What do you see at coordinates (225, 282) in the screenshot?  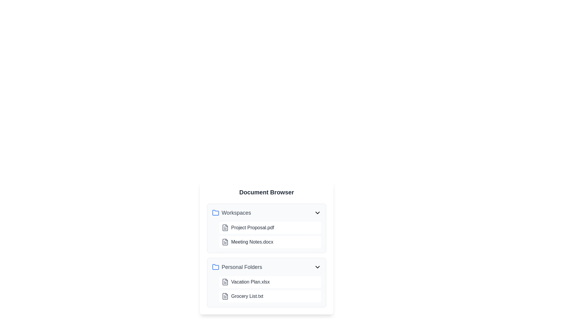 I see `the document icon resembling a sheet of paper with a folded corner, located next to 'Vacation Plan.xlsx' in the 'Personal Folders' section` at bounding box center [225, 282].